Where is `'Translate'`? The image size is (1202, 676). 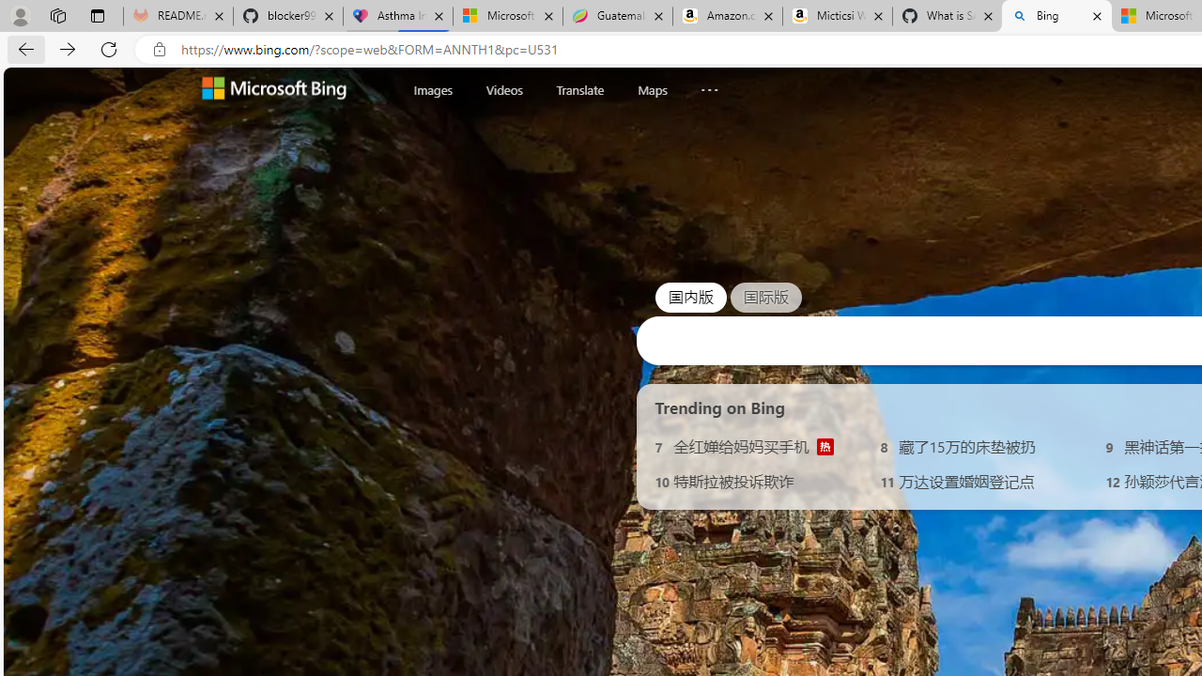 'Translate' is located at coordinates (578, 89).